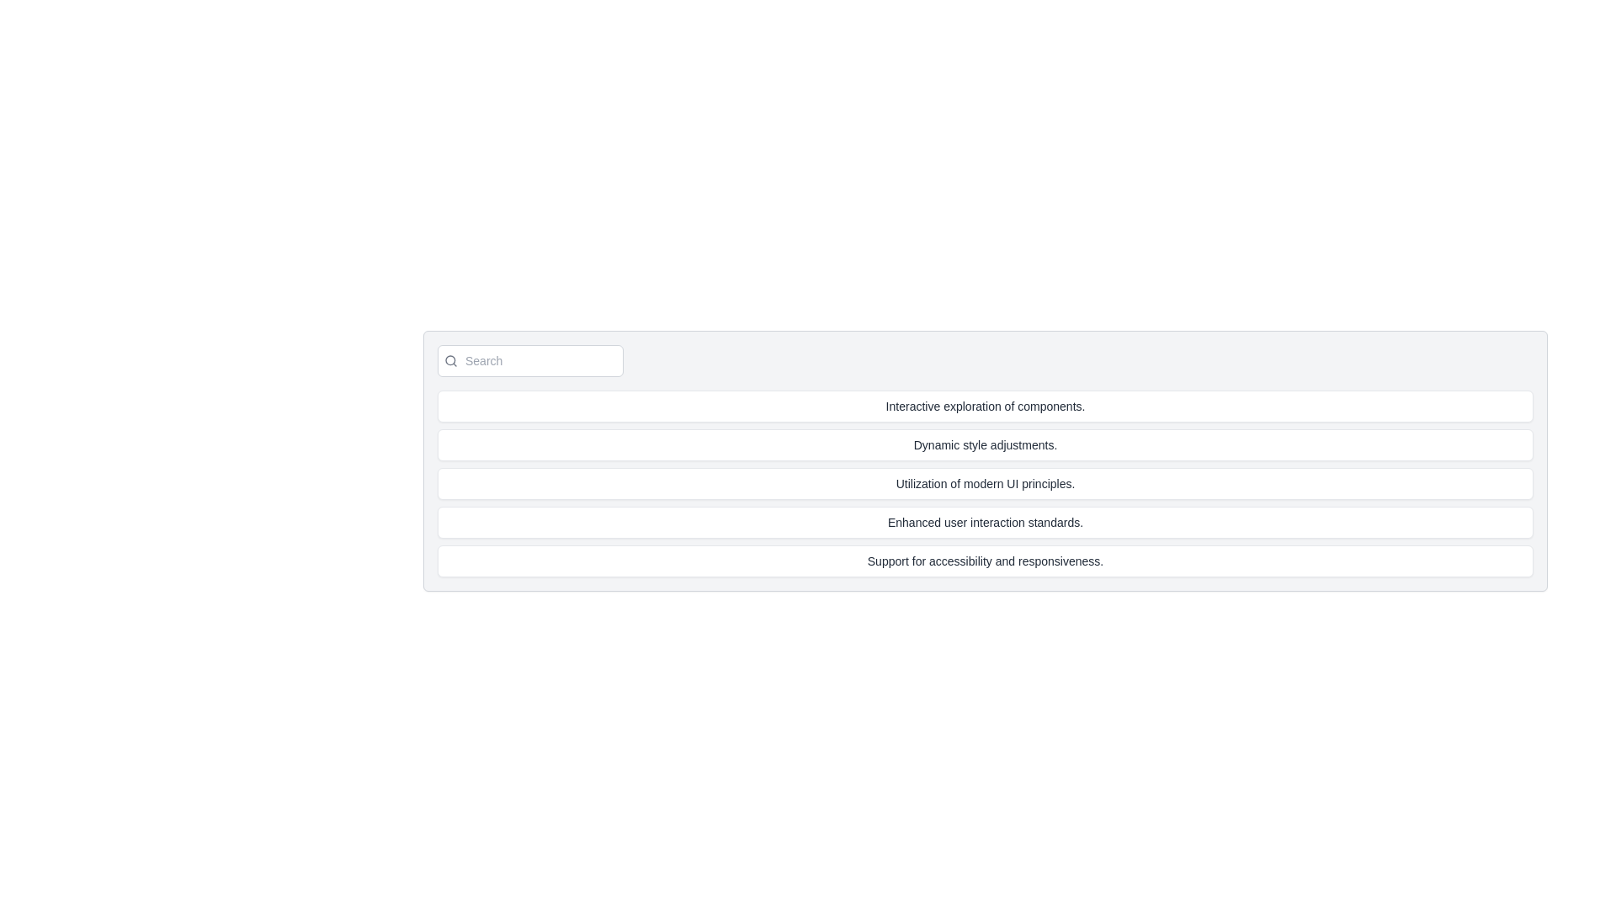 This screenshot has width=1616, height=909. Describe the element at coordinates (959, 522) in the screenshot. I see `the static text element that is the 23rd character in the string 'Enhanced user interaction standards.'` at that location.